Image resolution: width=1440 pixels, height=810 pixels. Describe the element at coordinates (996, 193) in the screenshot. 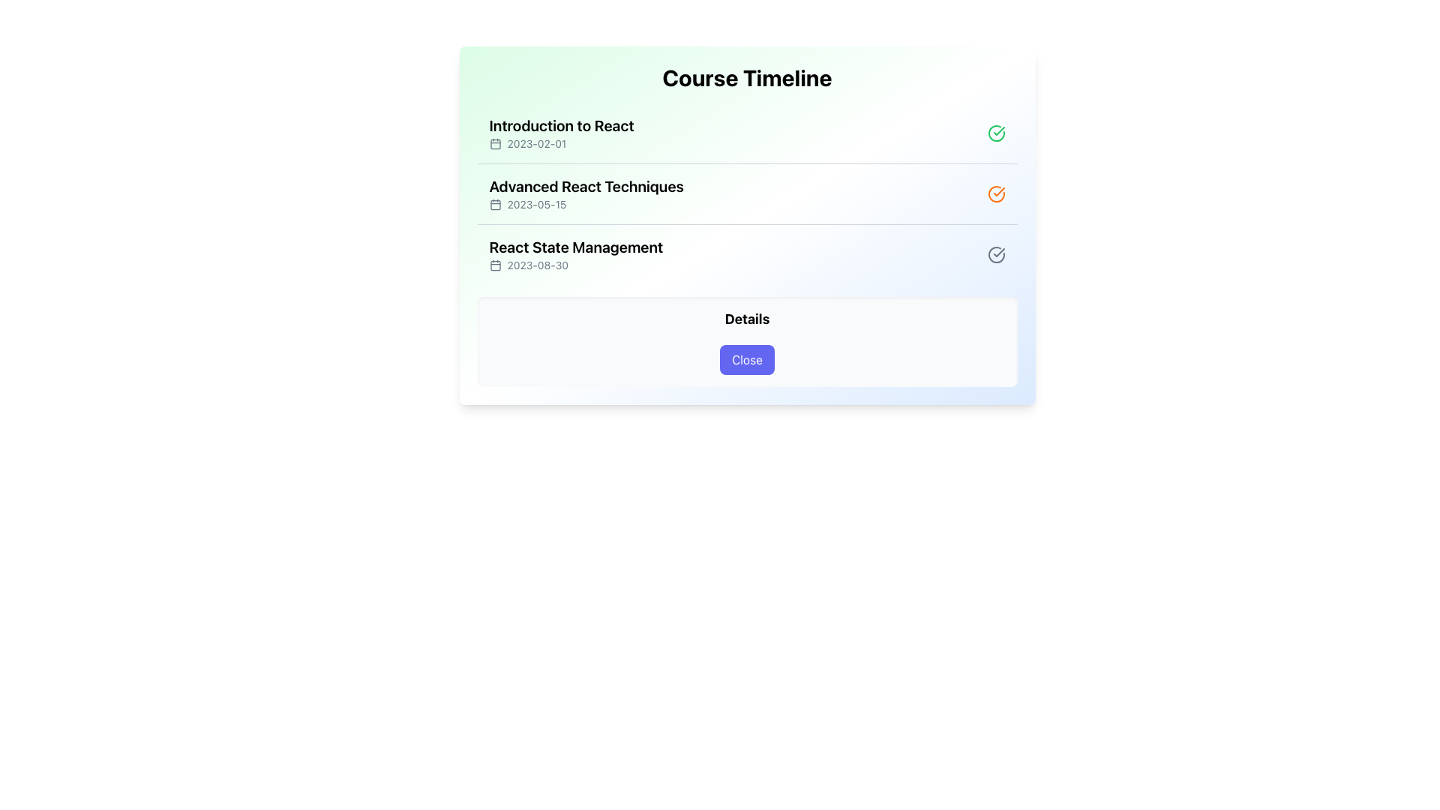

I see `the orange circular Decorative Icon with a check mark inside, which is aligned horizontally with the course title 'Advanced React Techniques'` at that location.